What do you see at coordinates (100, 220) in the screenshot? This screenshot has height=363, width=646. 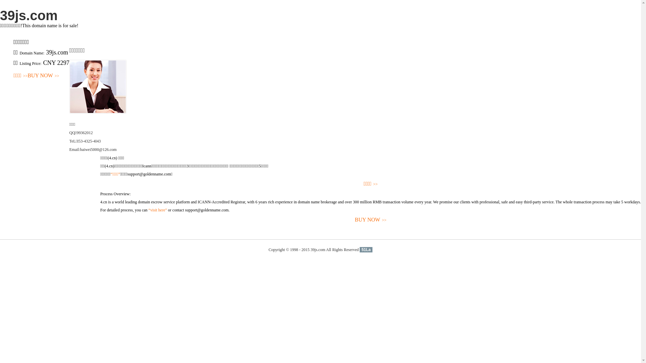 I see `'BUY NOW>>'` at bounding box center [100, 220].